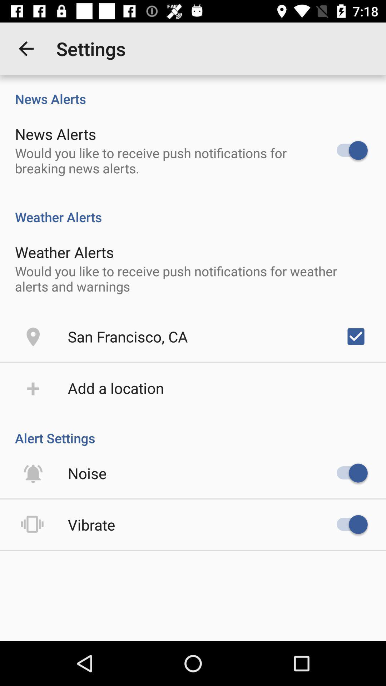 The width and height of the screenshot is (386, 686). What do you see at coordinates (356, 336) in the screenshot?
I see `the item below would you like item` at bounding box center [356, 336].